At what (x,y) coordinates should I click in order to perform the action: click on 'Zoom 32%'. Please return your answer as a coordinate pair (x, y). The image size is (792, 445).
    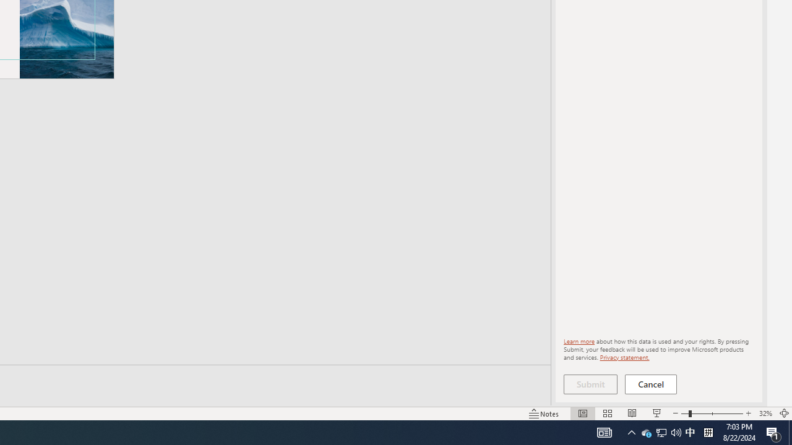
    Looking at the image, I should click on (765, 413).